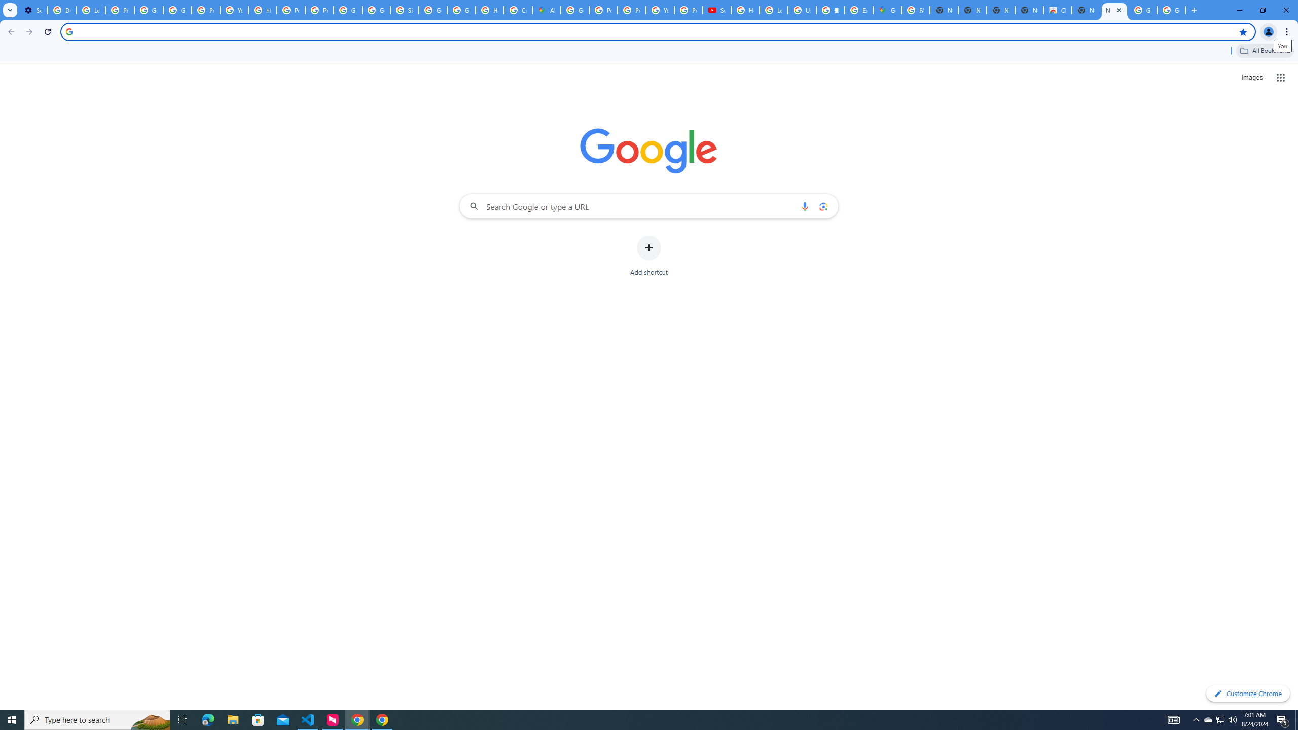 The height and width of the screenshot is (730, 1298). What do you see at coordinates (858, 10) in the screenshot?
I see `'Explore new street-level details - Google Maps Help'` at bounding box center [858, 10].